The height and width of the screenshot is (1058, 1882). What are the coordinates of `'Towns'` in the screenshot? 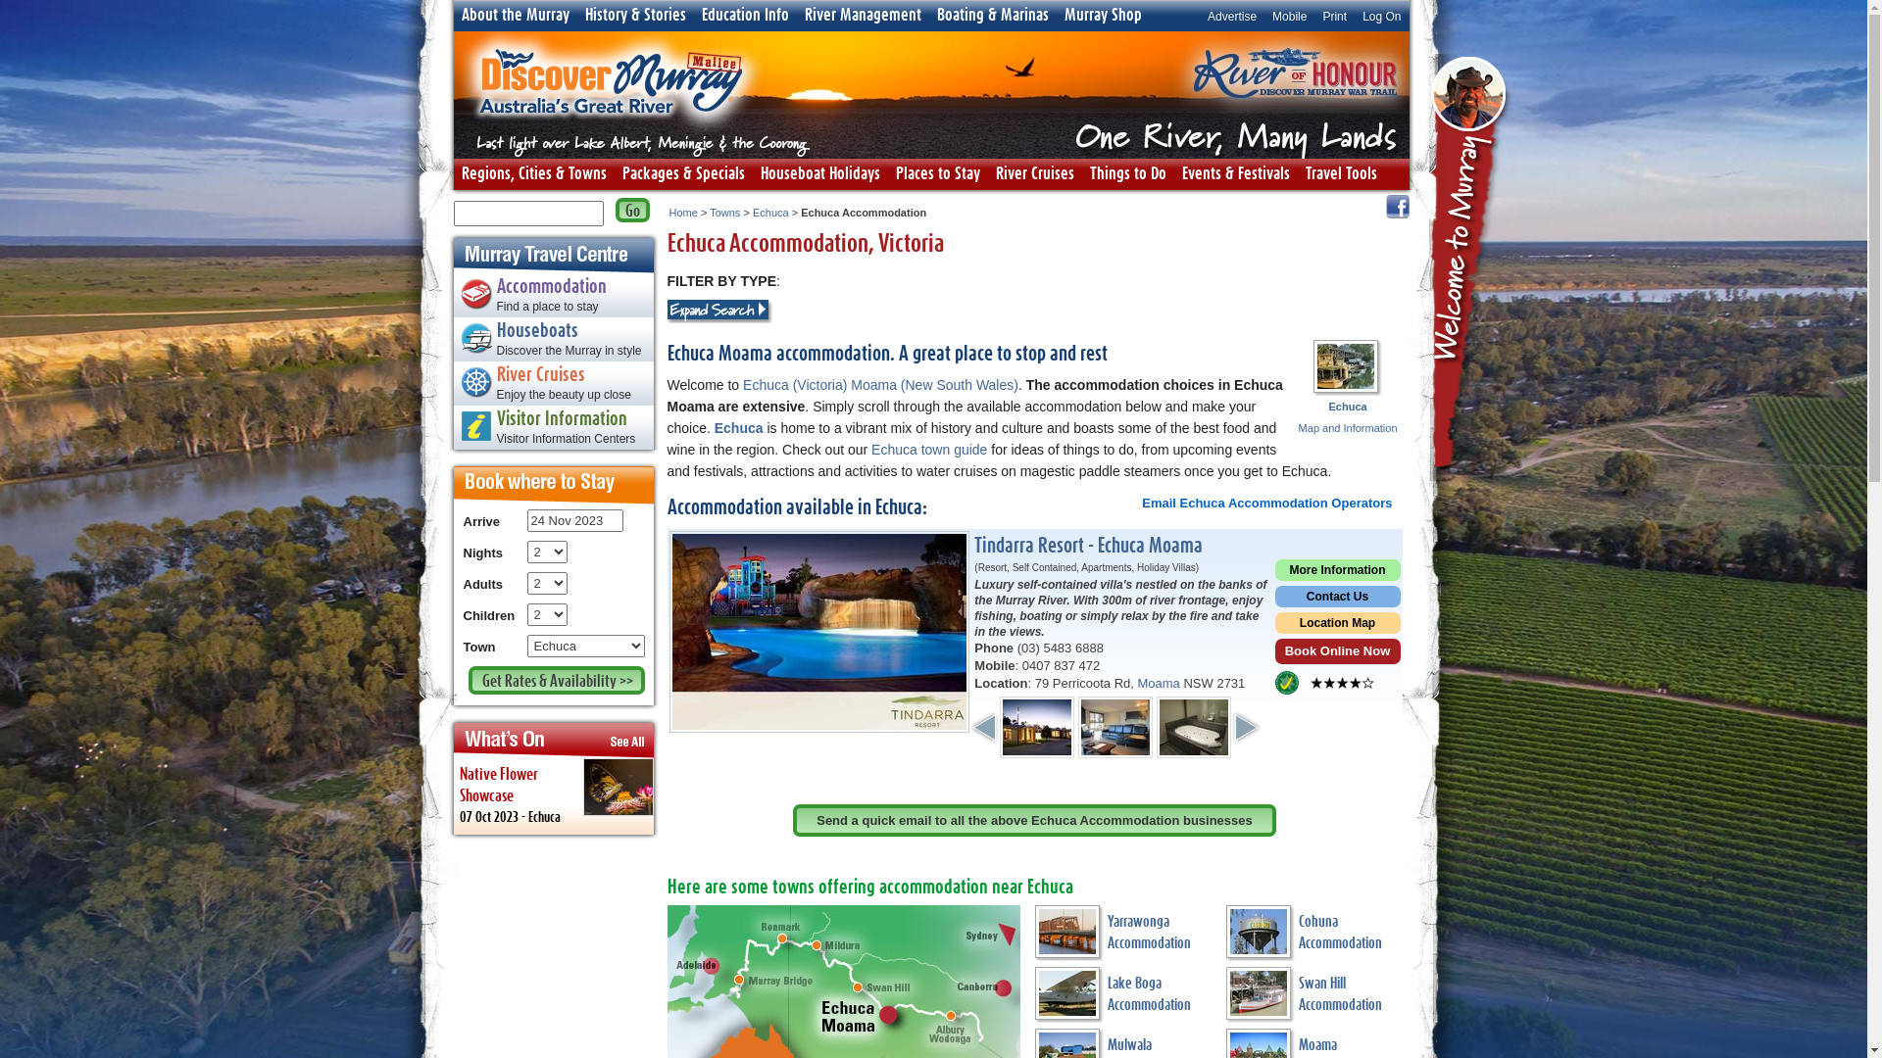 It's located at (709, 212).